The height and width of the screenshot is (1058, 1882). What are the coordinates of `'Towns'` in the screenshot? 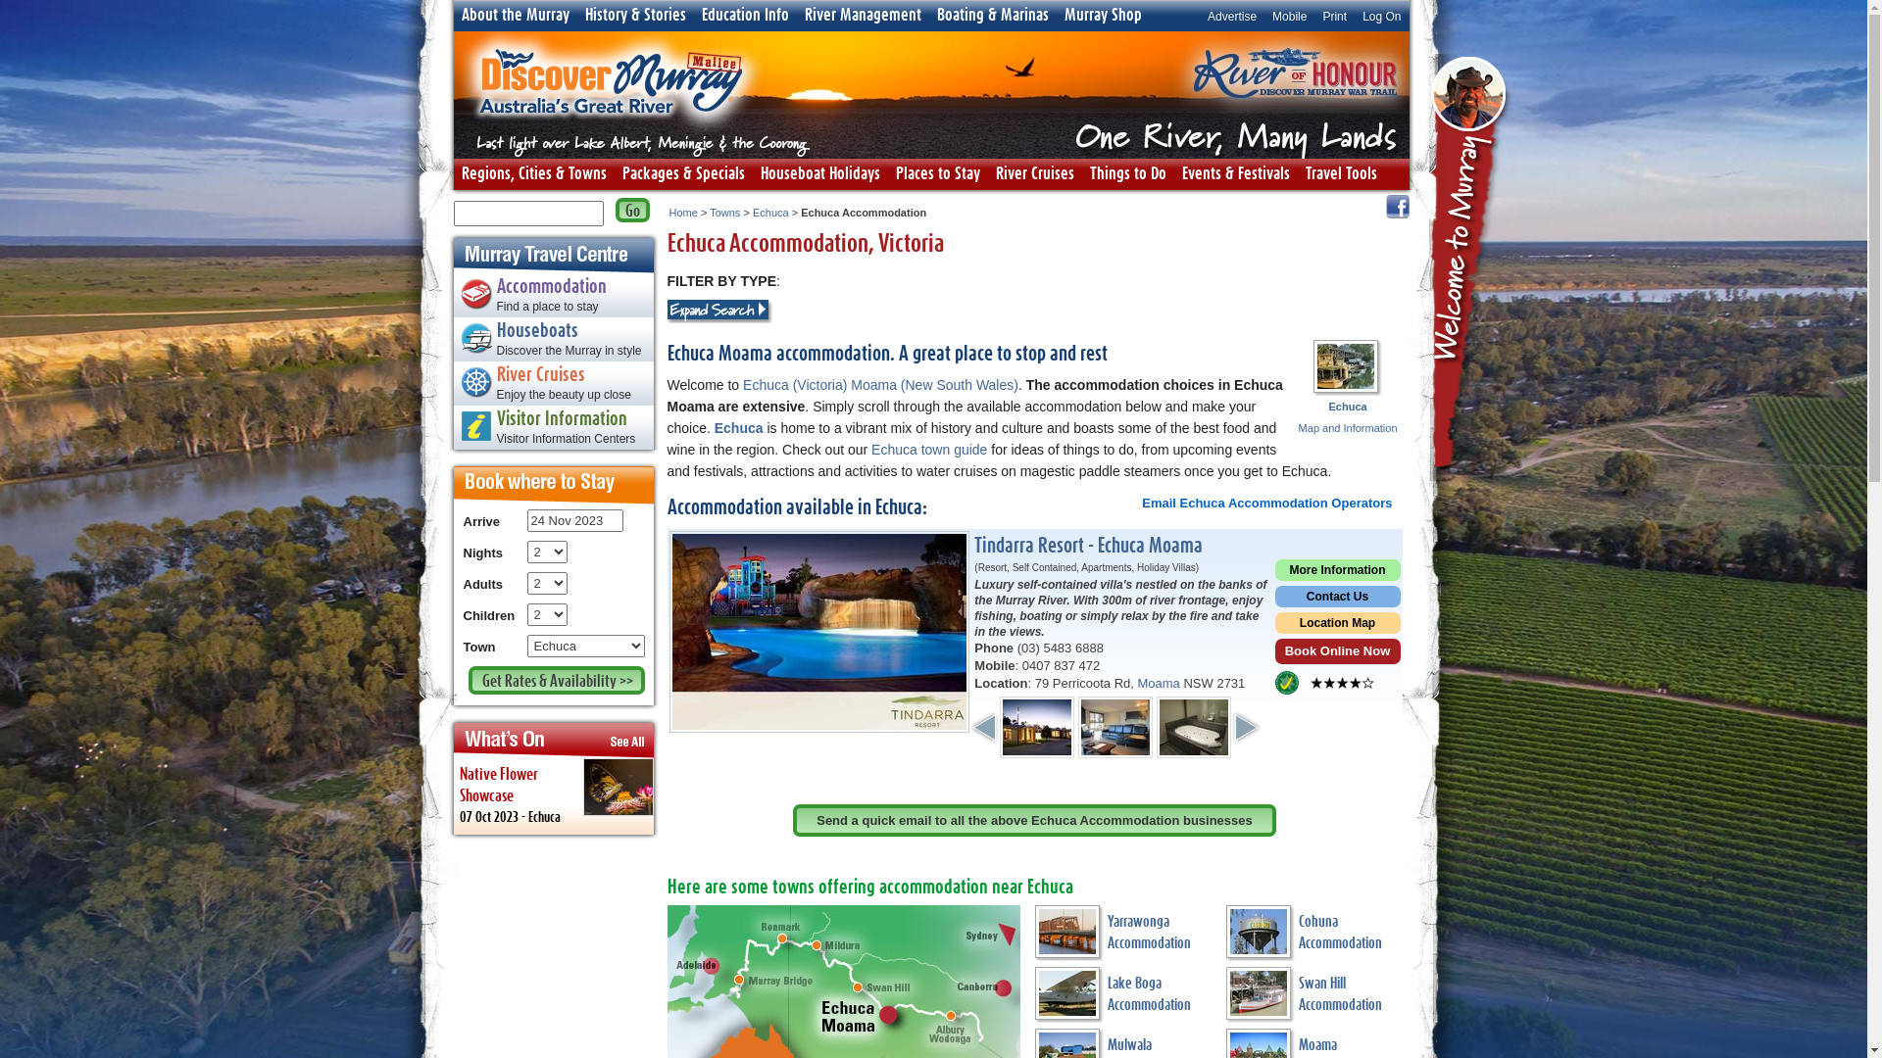 It's located at (709, 212).